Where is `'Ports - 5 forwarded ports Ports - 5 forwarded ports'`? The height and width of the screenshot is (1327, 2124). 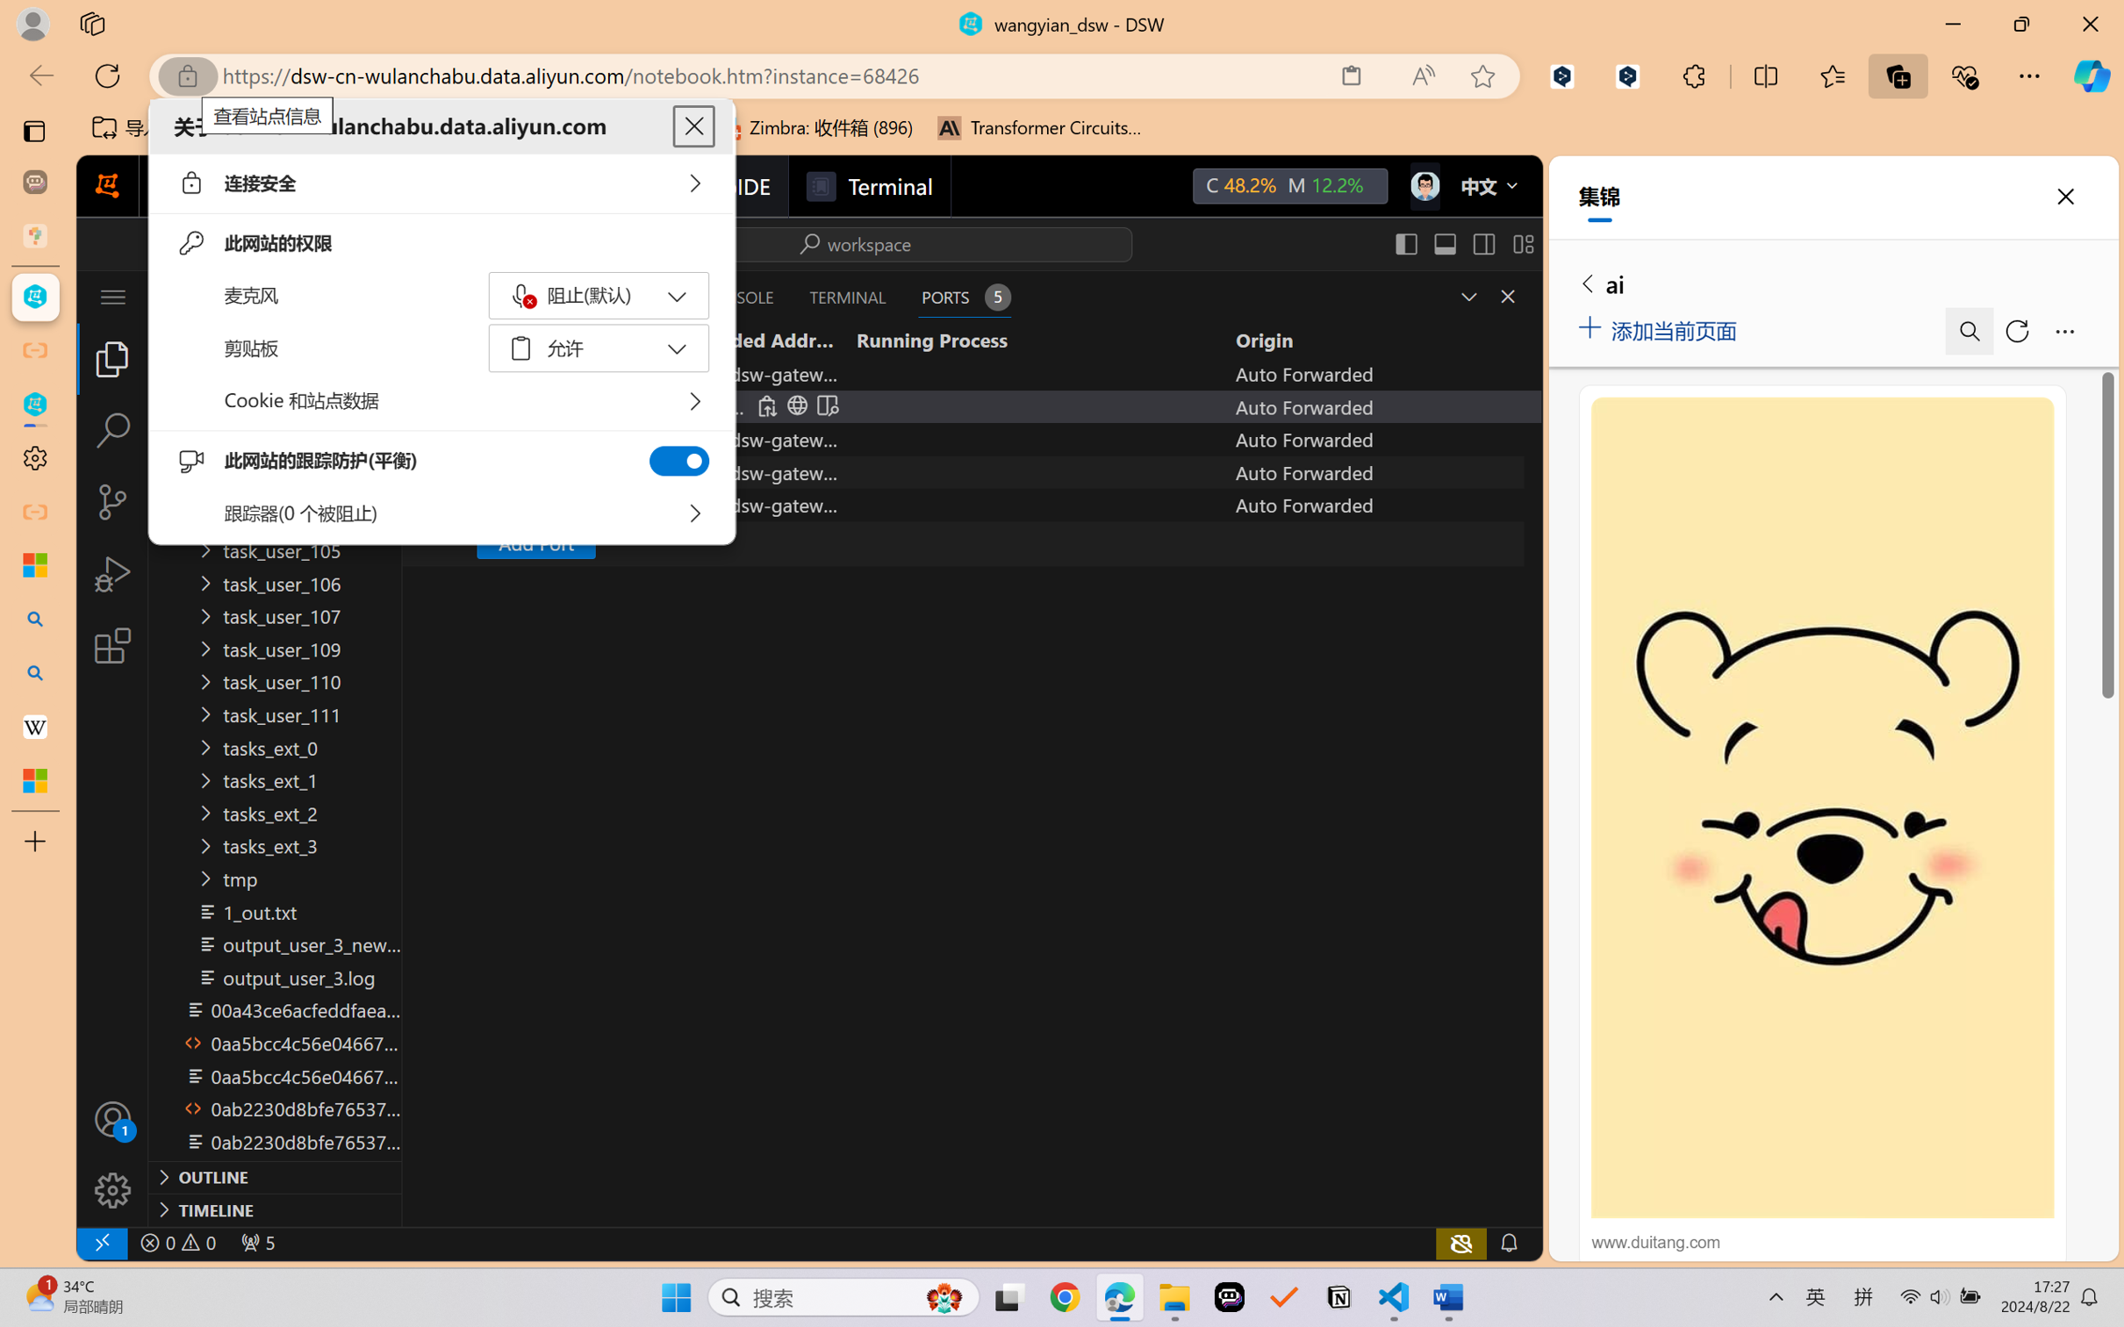 'Ports - 5 forwarded ports Ports - 5 forwarded ports' is located at coordinates (964, 296).